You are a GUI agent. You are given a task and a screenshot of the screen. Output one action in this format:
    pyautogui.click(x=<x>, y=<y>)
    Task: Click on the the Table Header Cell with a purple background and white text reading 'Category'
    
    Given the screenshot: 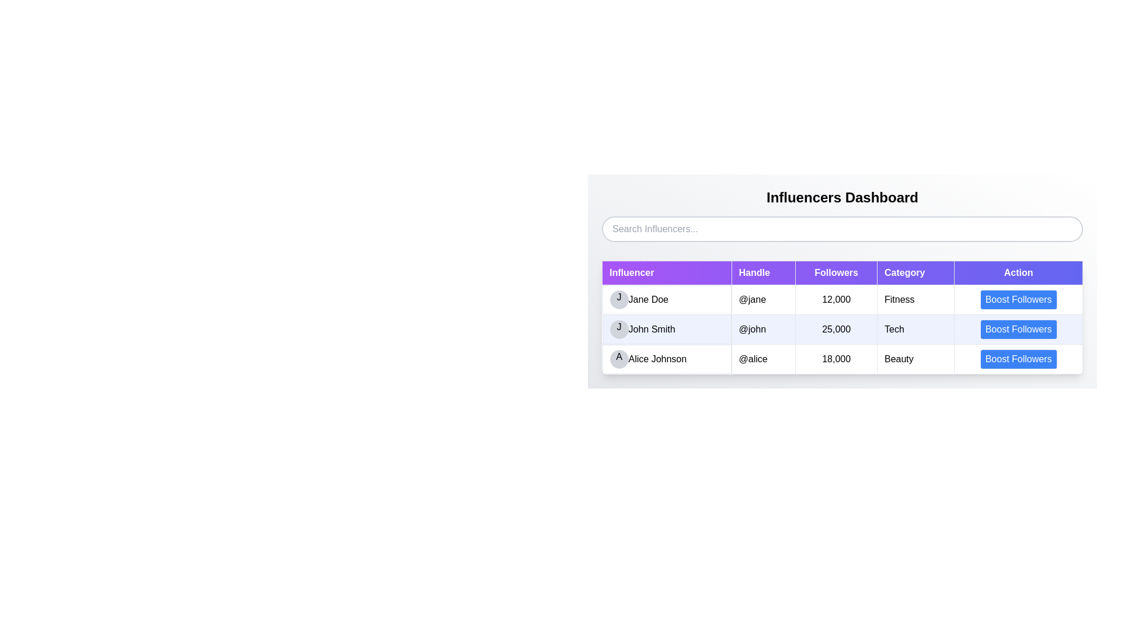 What is the action you would take?
    pyautogui.click(x=915, y=272)
    